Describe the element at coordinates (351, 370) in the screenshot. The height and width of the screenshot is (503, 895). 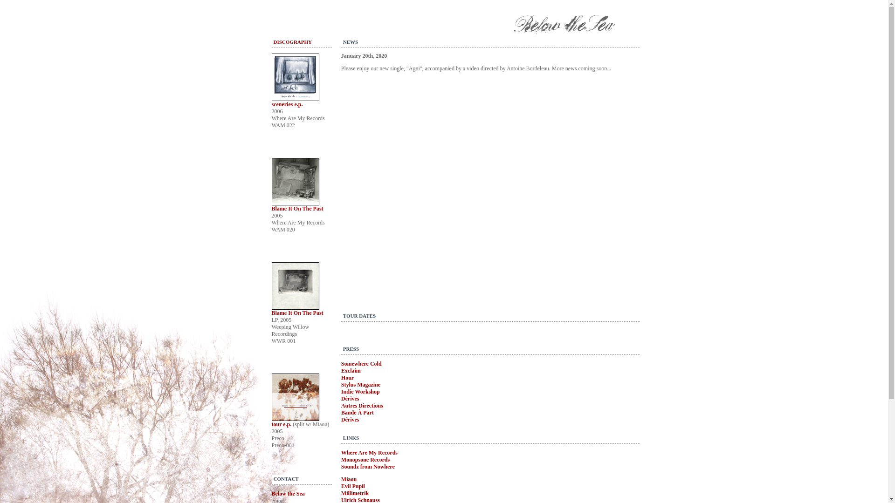
I see `'Exclaim'` at that location.